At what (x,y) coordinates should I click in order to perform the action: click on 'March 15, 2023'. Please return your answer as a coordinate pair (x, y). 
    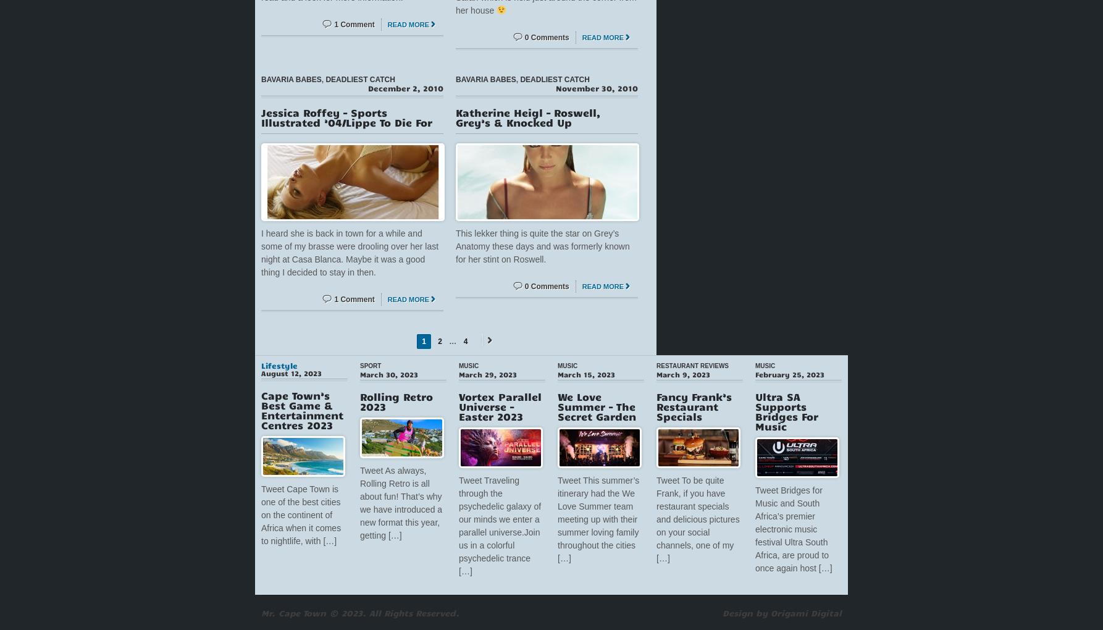
    Looking at the image, I should click on (558, 372).